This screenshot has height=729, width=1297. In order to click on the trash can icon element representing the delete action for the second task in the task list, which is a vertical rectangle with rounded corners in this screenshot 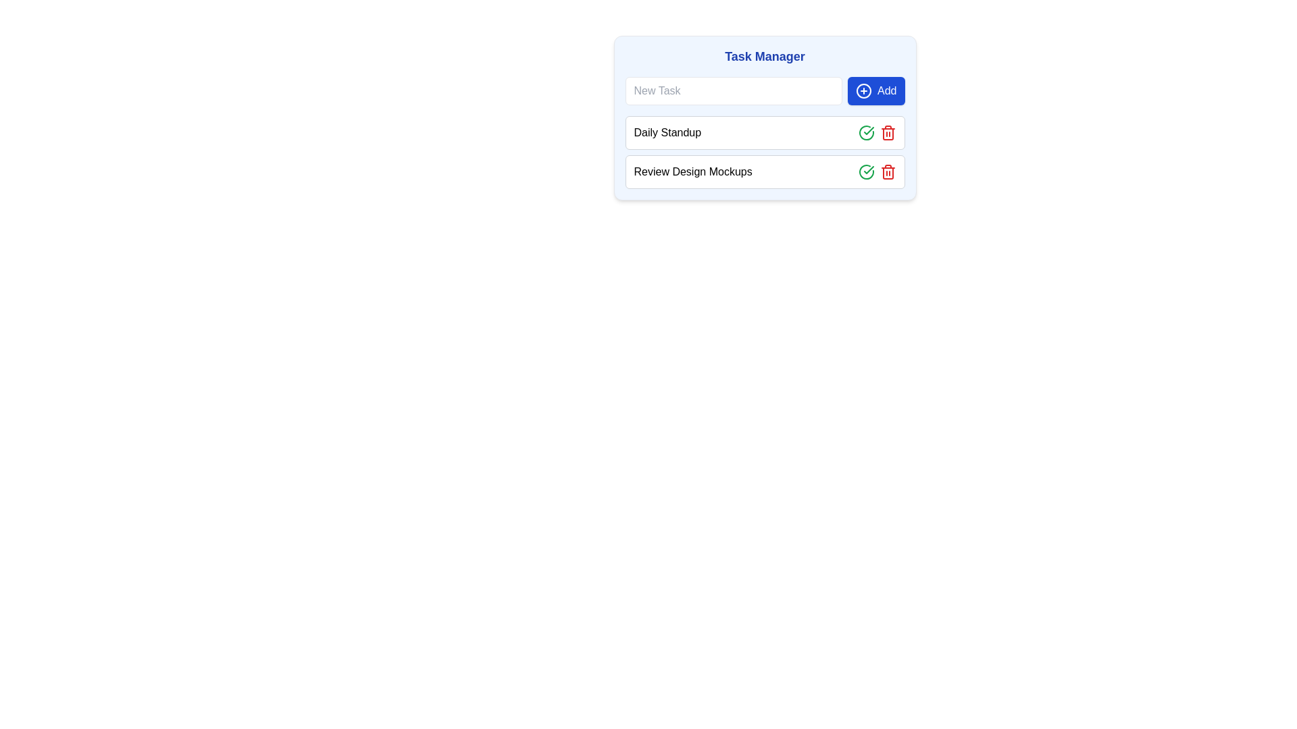, I will do `click(888, 134)`.